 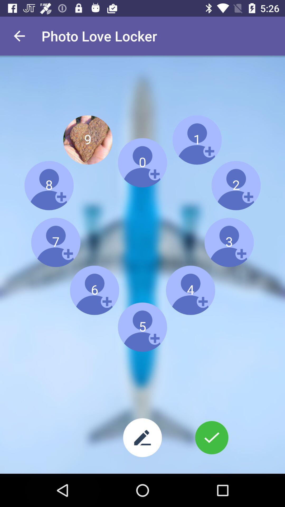 What do you see at coordinates (211, 438) in the screenshot?
I see `the configuration` at bounding box center [211, 438].